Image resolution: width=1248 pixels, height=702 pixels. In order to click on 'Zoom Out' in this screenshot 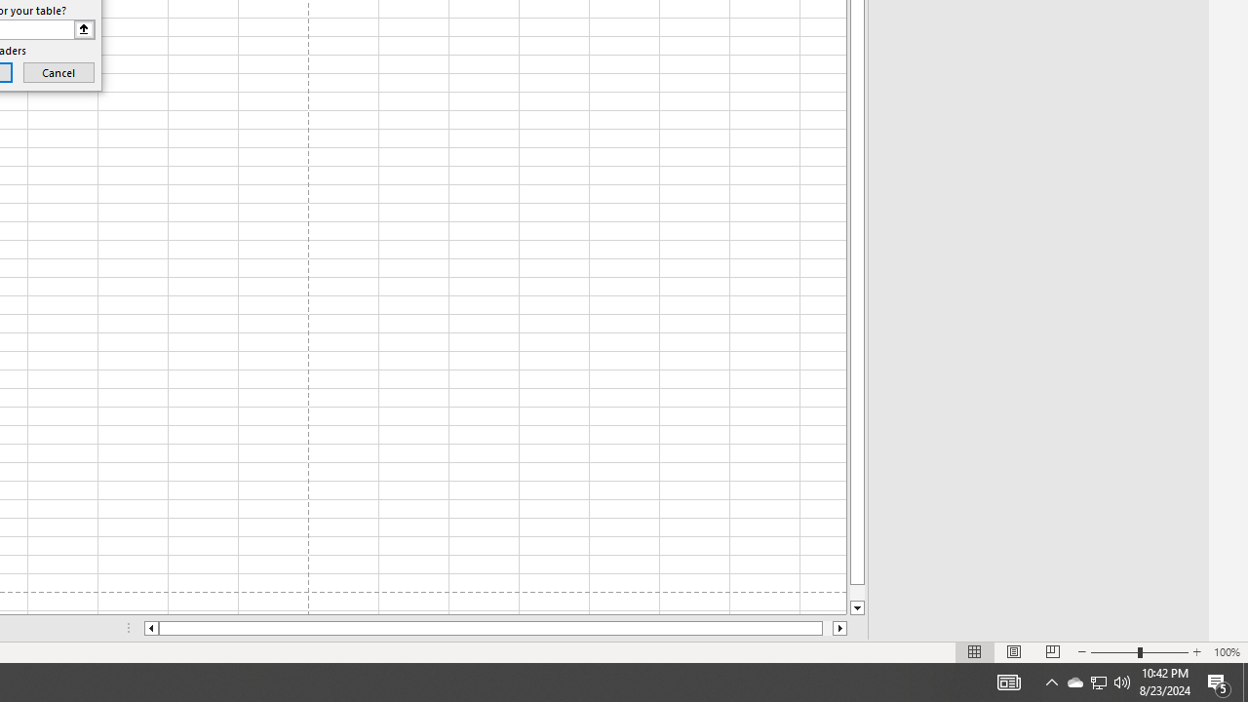, I will do `click(1114, 652)`.